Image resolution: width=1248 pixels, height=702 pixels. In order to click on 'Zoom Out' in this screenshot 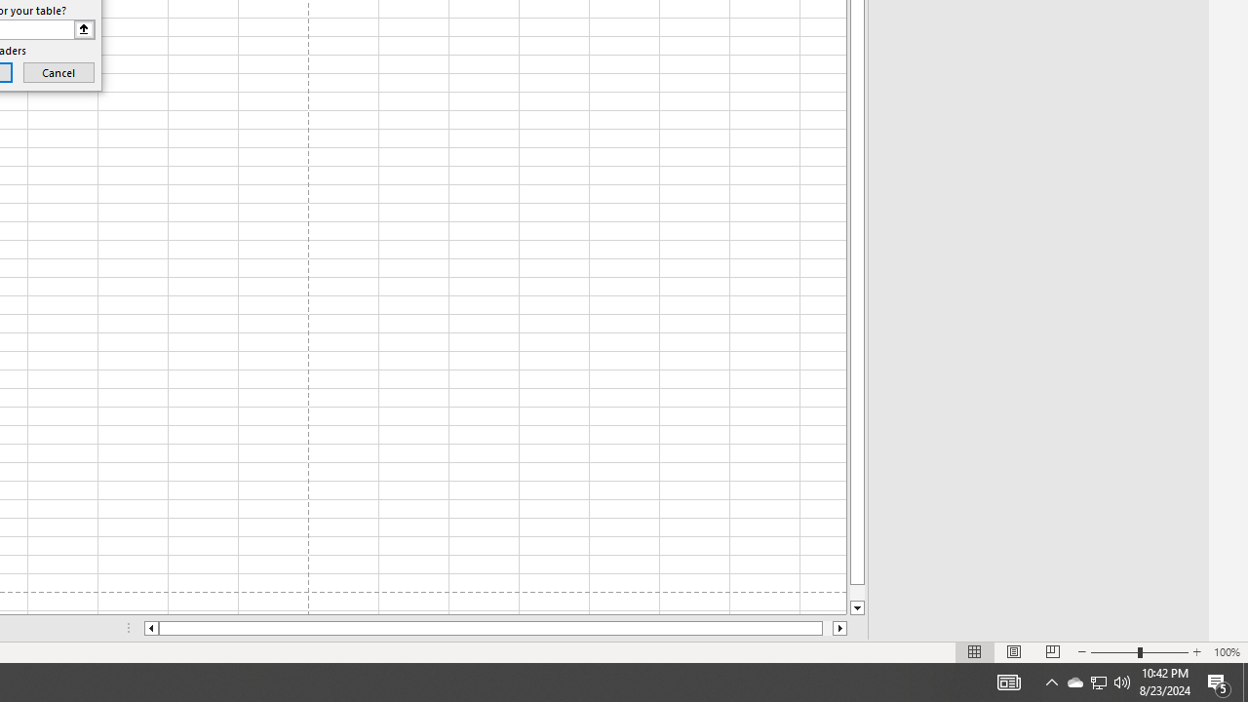, I will do `click(1114, 652)`.